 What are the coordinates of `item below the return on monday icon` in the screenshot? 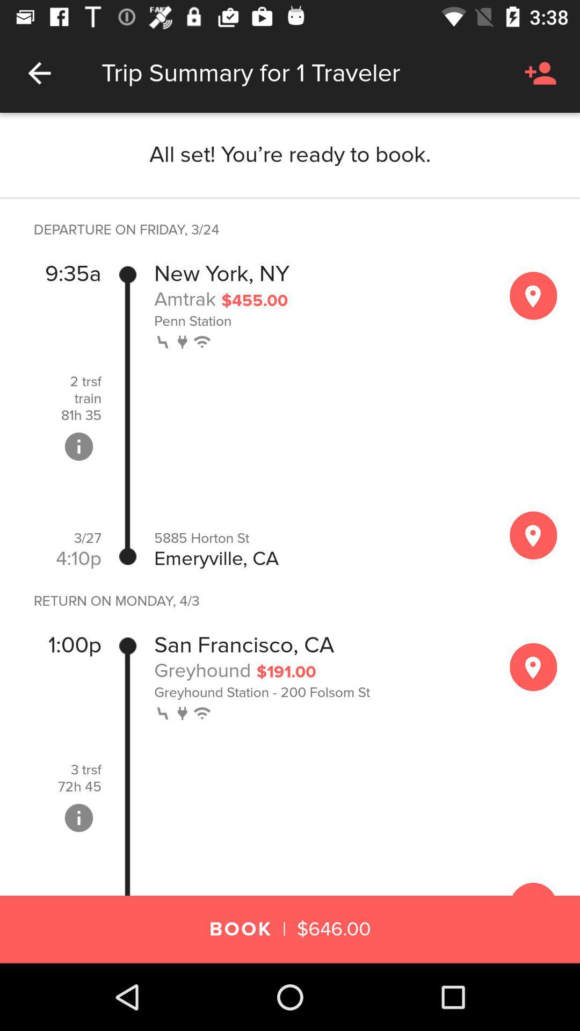 It's located at (74, 644).